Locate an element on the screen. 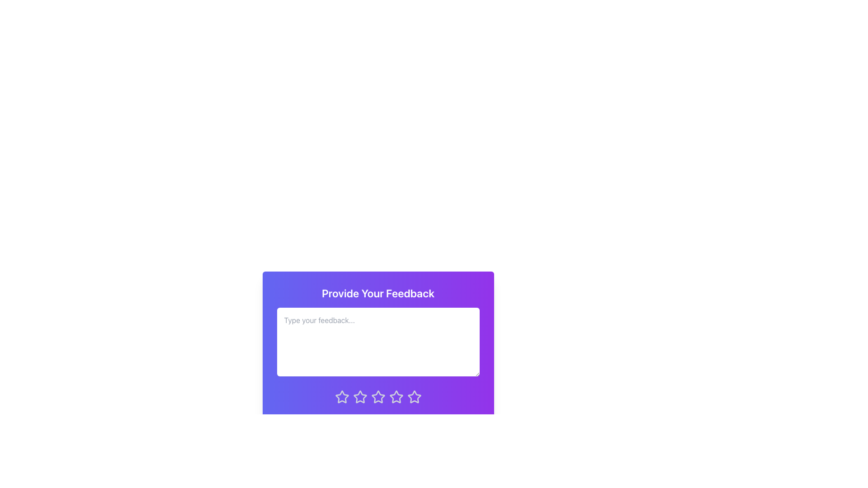  the non-interactive label at the top of the feedback form panel to orient users to the purpose of the form is located at coordinates (378, 293).